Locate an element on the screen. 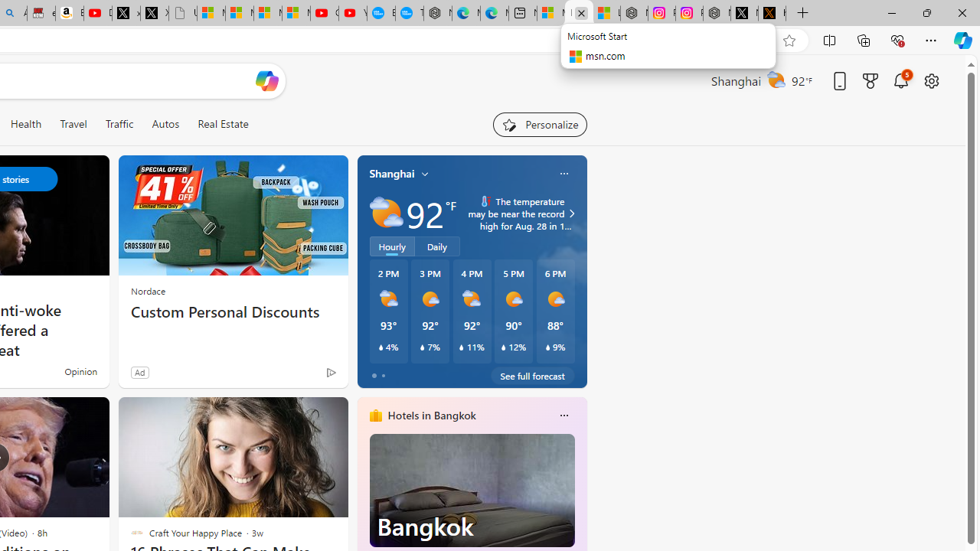 The image size is (980, 551). 'See full forecast' is located at coordinates (532, 376).